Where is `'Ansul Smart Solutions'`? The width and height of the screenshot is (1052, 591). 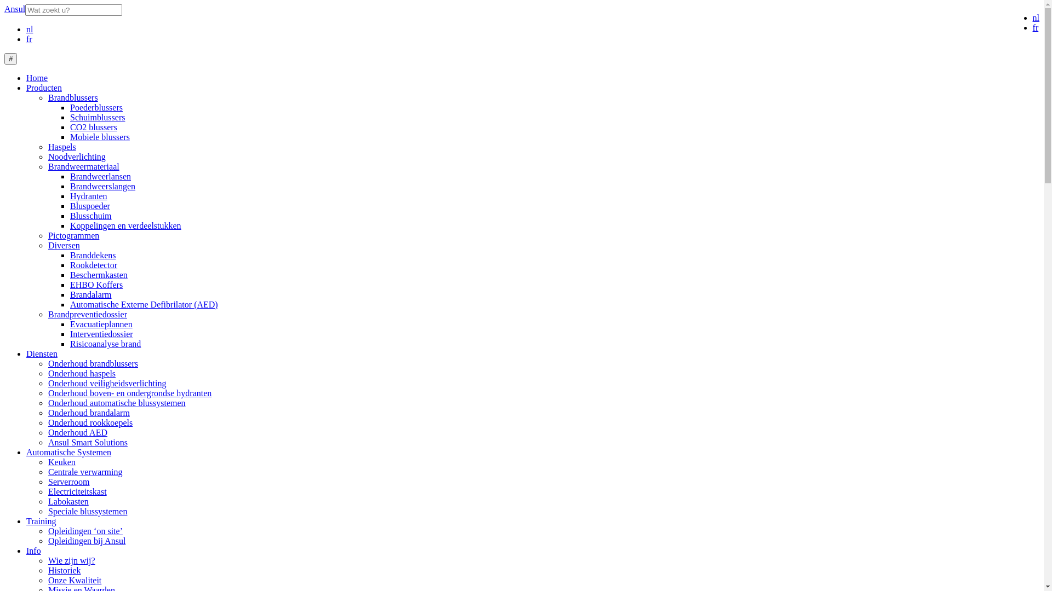
'Ansul Smart Solutions' is located at coordinates (47, 442).